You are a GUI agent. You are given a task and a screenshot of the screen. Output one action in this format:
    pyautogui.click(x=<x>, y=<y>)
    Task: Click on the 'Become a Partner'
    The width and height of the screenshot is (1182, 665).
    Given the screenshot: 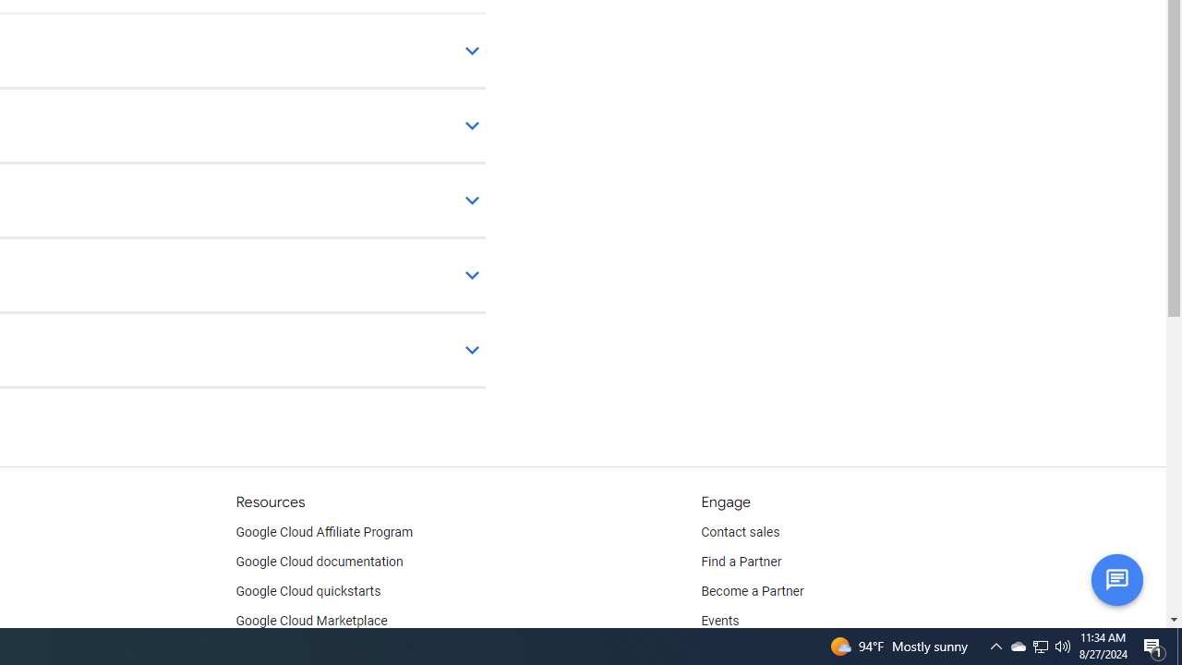 What is the action you would take?
    pyautogui.click(x=752, y=591)
    